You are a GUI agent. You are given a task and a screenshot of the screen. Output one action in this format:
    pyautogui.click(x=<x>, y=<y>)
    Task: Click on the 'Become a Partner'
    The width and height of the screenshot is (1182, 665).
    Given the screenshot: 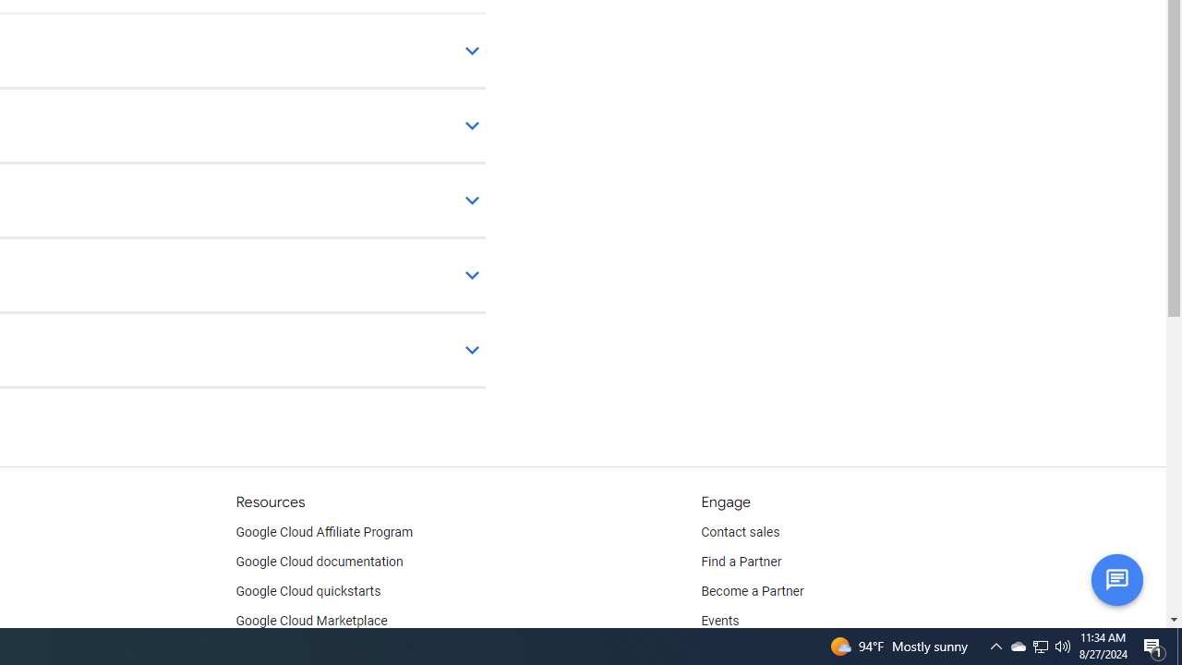 What is the action you would take?
    pyautogui.click(x=752, y=591)
    